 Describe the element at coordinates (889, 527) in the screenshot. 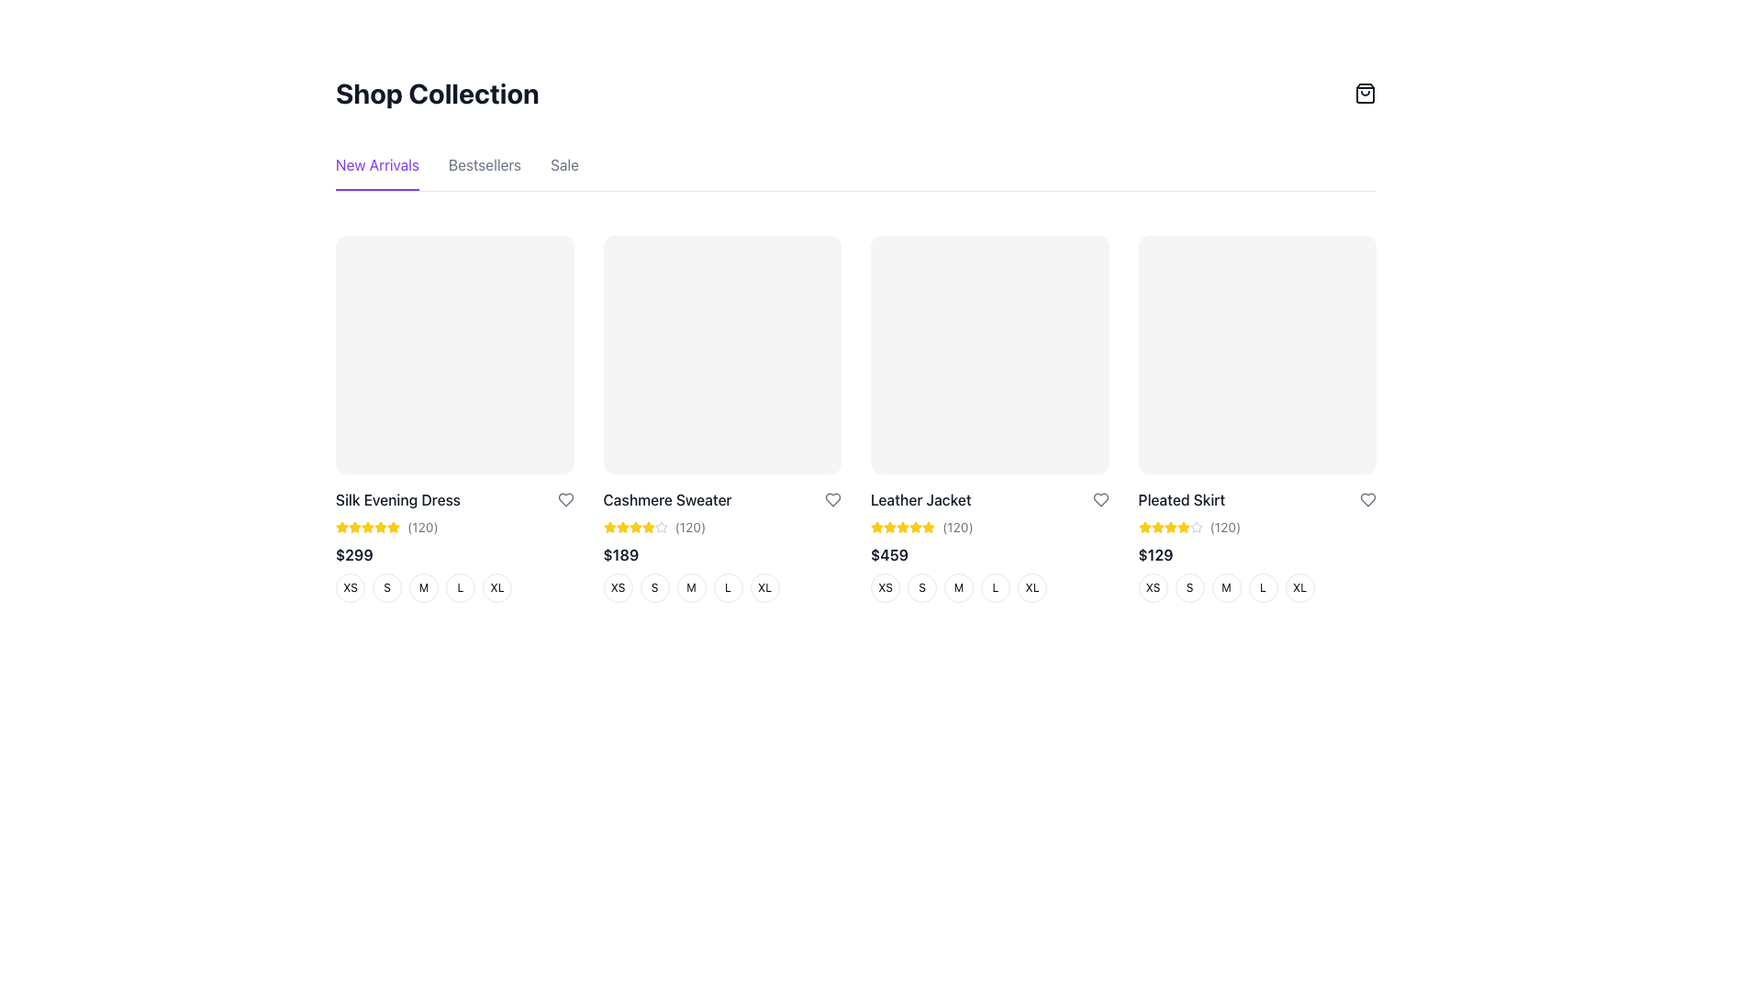

I see `the third star in the sequence of five stars that indicates the rating for the 'Leather Jacket' product, to trigger the tooltip or highlight effect` at that location.